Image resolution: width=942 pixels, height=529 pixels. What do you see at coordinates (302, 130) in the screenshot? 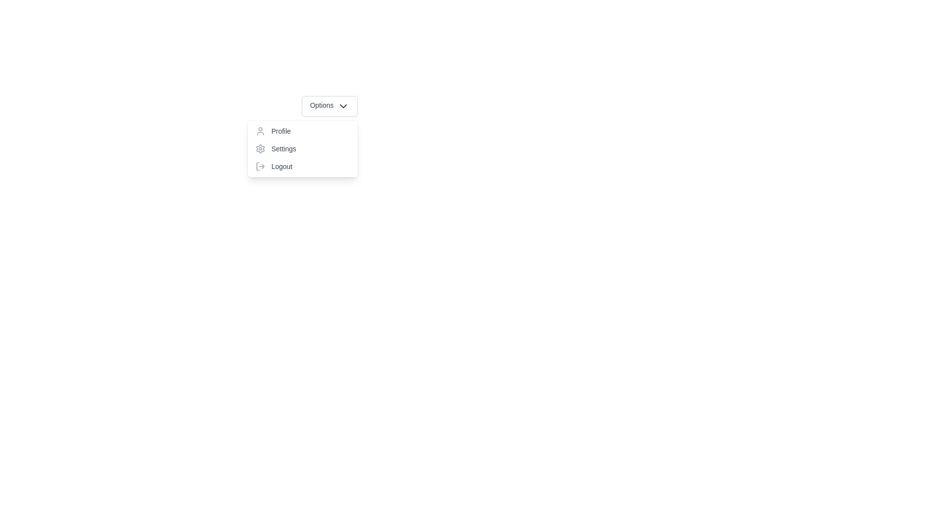
I see `the 'Profile' option in the dropdown menu` at bounding box center [302, 130].